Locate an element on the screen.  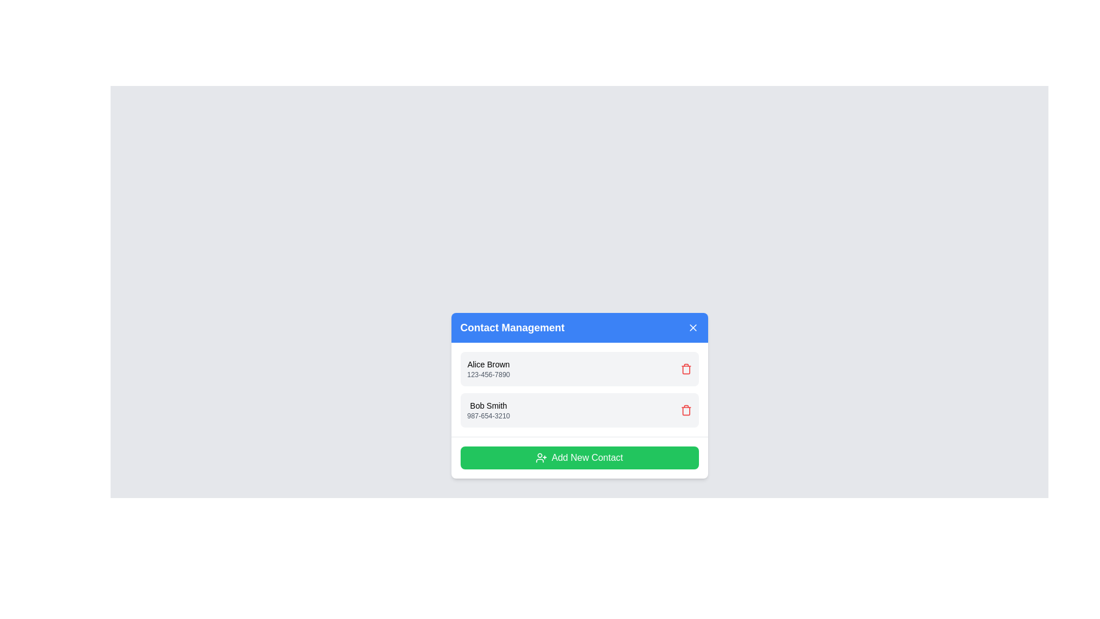
trash icon next to the contact named Bob Smith to remove it is located at coordinates (686, 409).